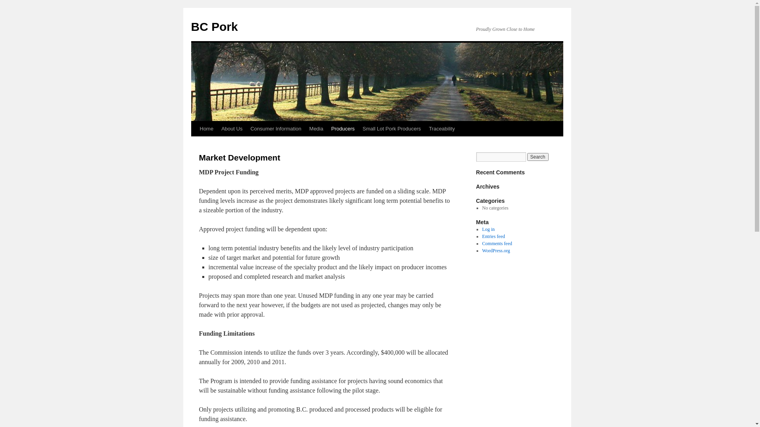  I want to click on 'Search', so click(538, 157).